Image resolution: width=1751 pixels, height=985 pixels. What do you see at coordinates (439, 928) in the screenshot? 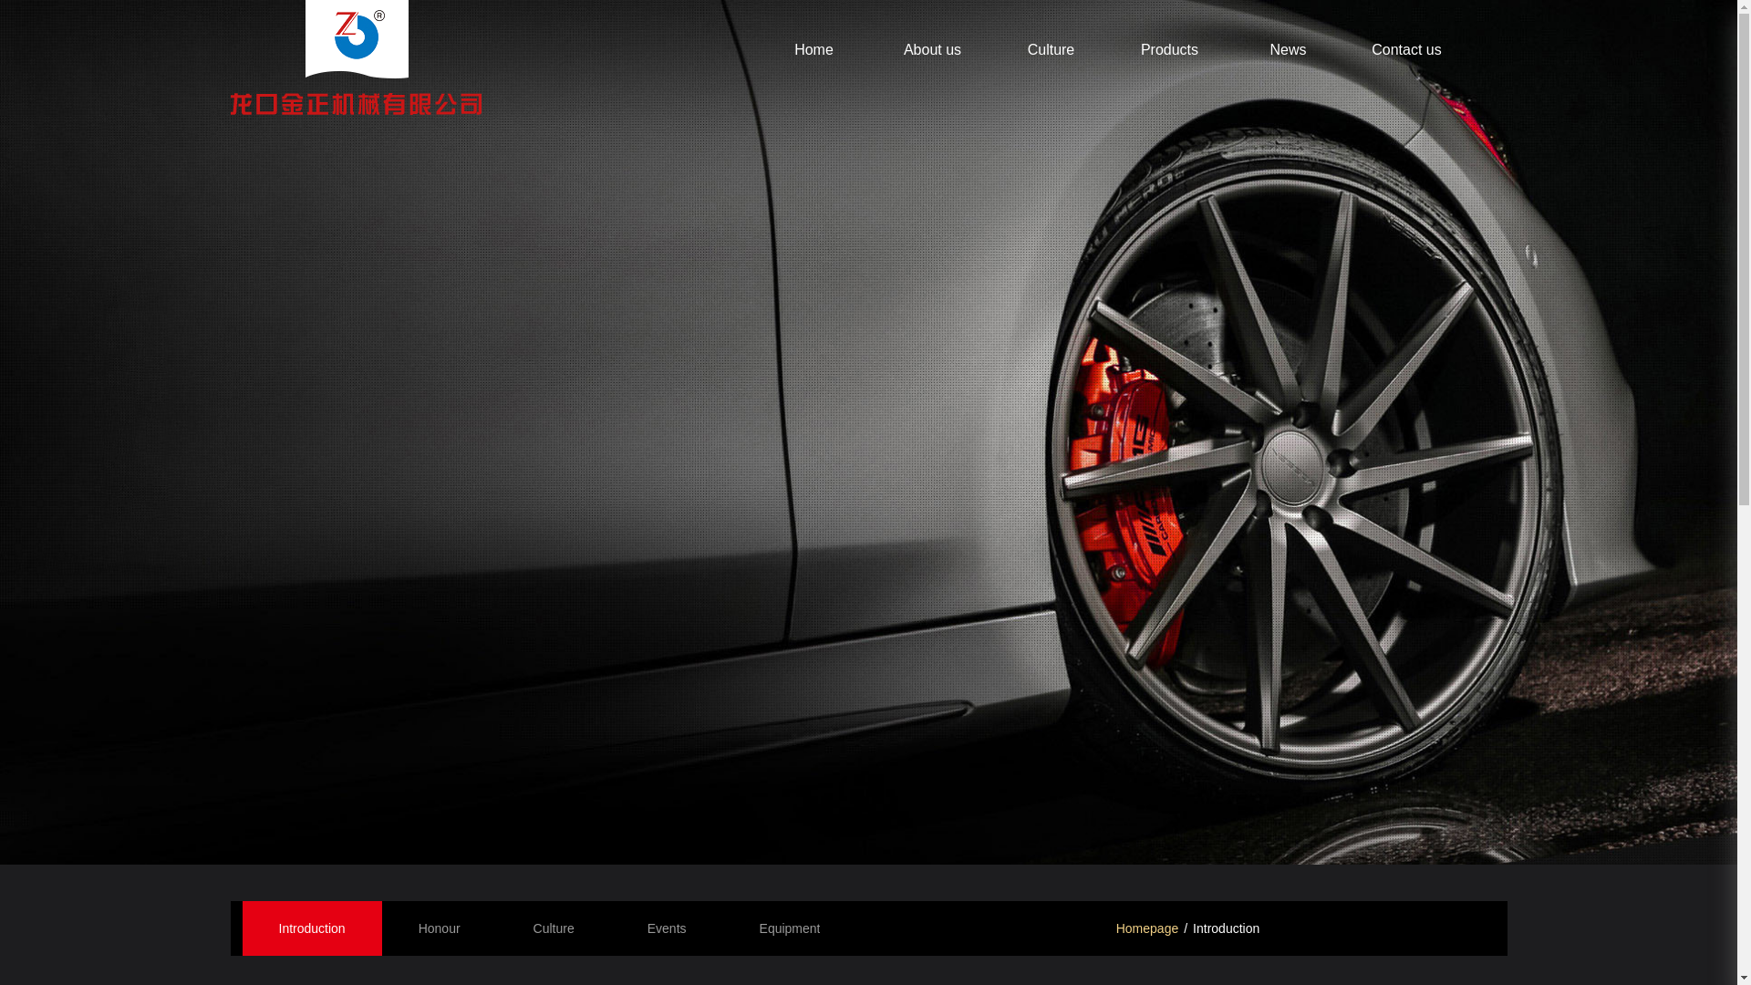
I see `'Honour'` at bounding box center [439, 928].